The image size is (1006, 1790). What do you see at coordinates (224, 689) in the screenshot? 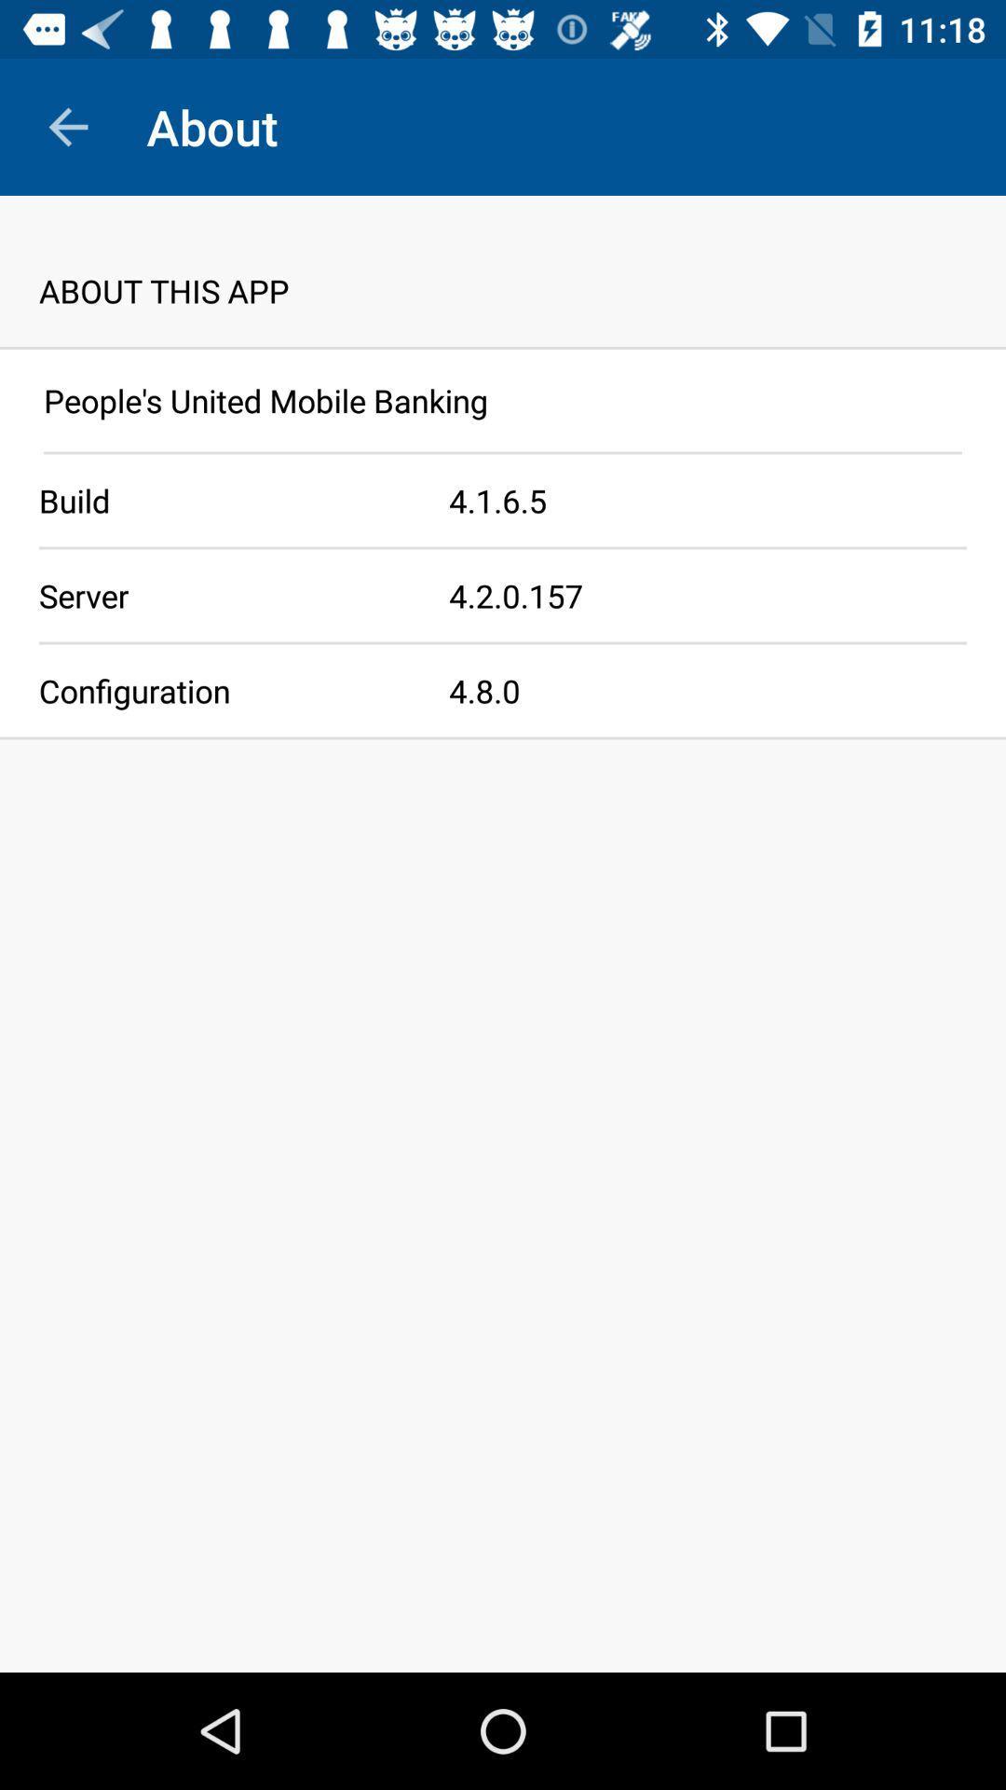
I see `configuration app` at bounding box center [224, 689].